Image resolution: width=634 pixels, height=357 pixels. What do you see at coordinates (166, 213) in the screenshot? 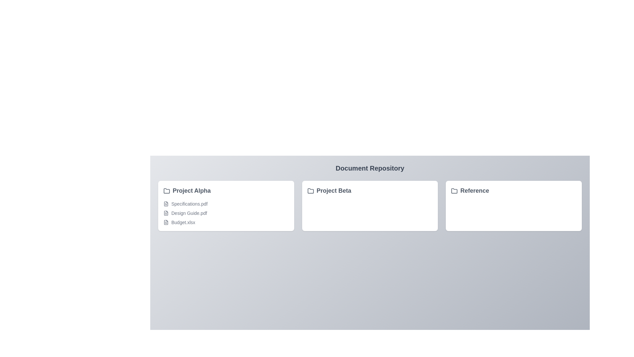
I see `on the File icon representing the PDF document labeled 'Design Guide.pdf' located in the Project Alpha section of the Document Repository interface` at bounding box center [166, 213].